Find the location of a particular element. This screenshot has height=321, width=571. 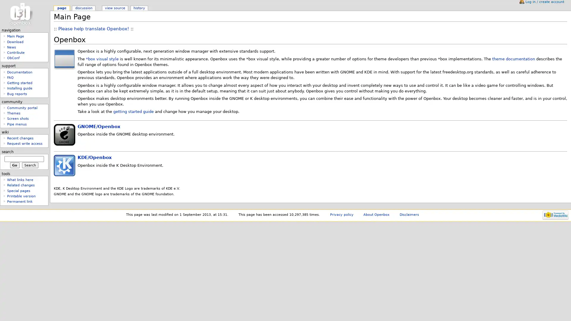

Search is located at coordinates (29, 165).